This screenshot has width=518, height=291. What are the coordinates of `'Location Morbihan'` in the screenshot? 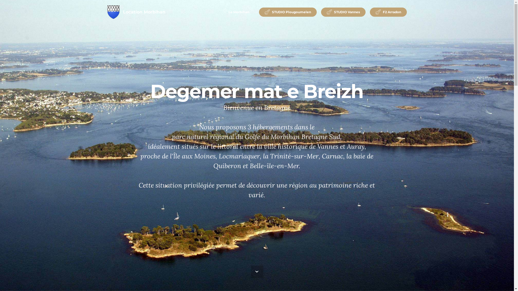 It's located at (144, 12).